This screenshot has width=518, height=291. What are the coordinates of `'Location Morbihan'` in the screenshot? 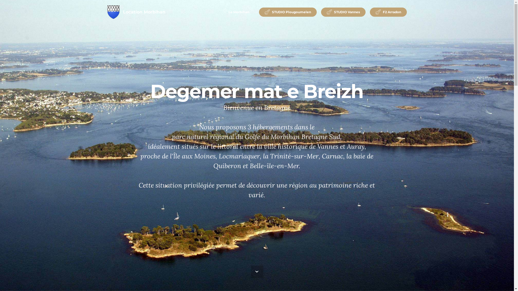 It's located at (144, 12).